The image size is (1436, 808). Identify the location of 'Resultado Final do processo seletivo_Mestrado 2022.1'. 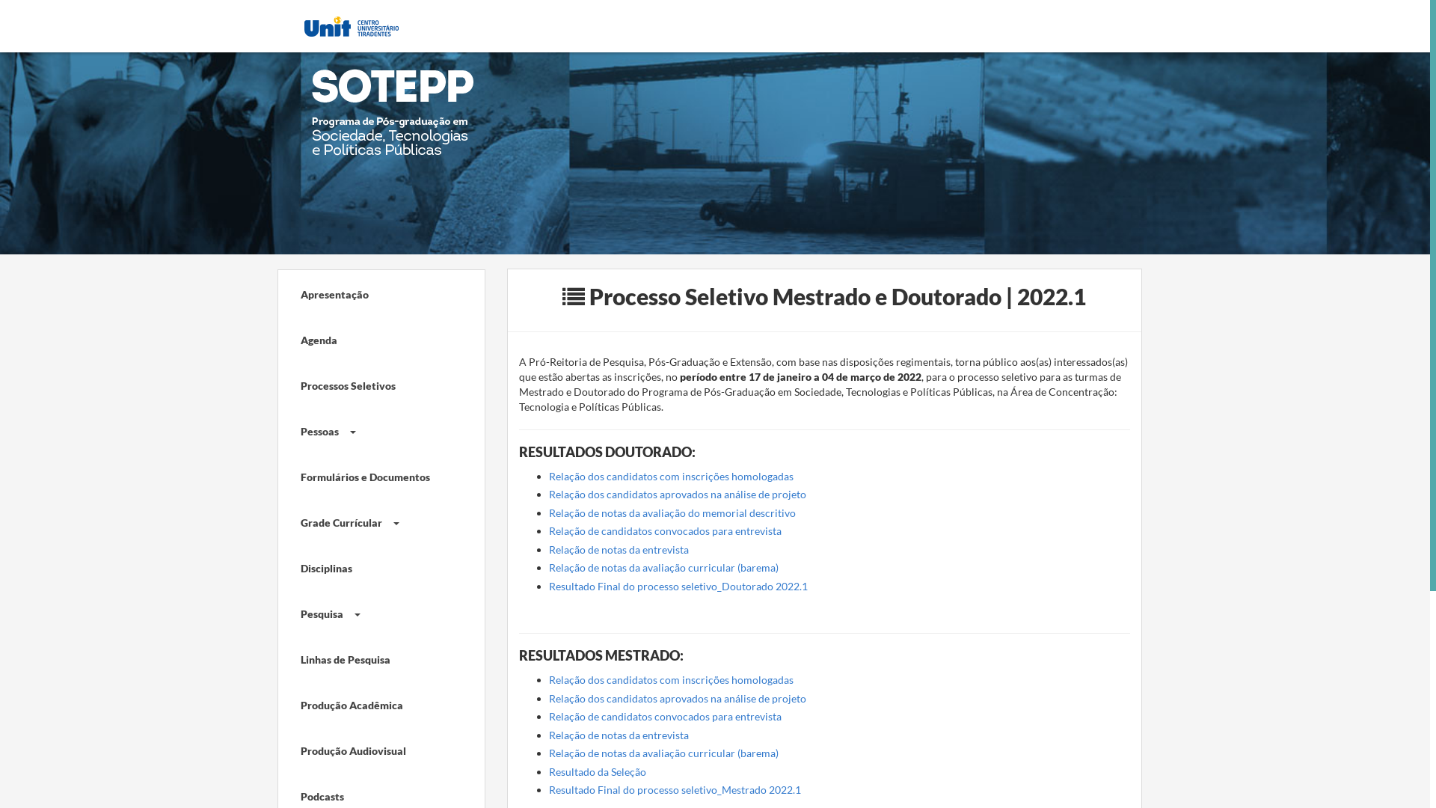
(674, 789).